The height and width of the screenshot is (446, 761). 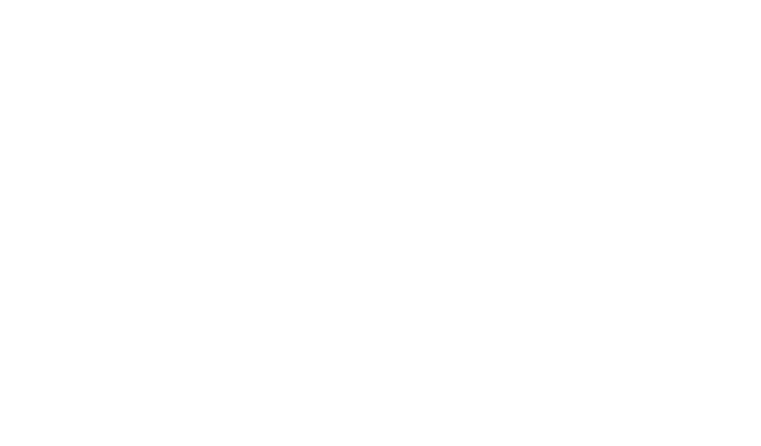 I want to click on 'Suggest a topic', so click(x=436, y=225).